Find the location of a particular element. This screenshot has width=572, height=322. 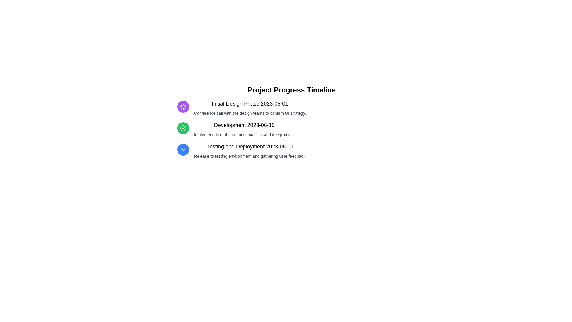

the 'Development' phase text label, which is located directly beneath the 'Initial Design Phase 2023-05-01' title and above the 'Implementation of core functionalities and integrations.' is located at coordinates (244, 125).